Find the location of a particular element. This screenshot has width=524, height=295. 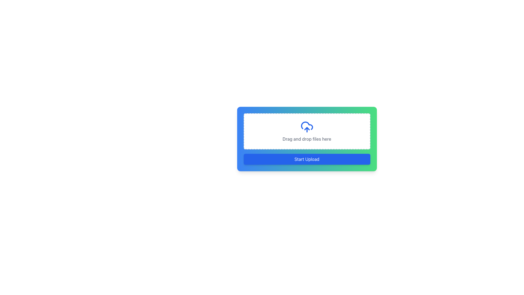

the upload button located below the text 'Drag and drop files here.' for keyboard interactions is located at coordinates (307, 159).